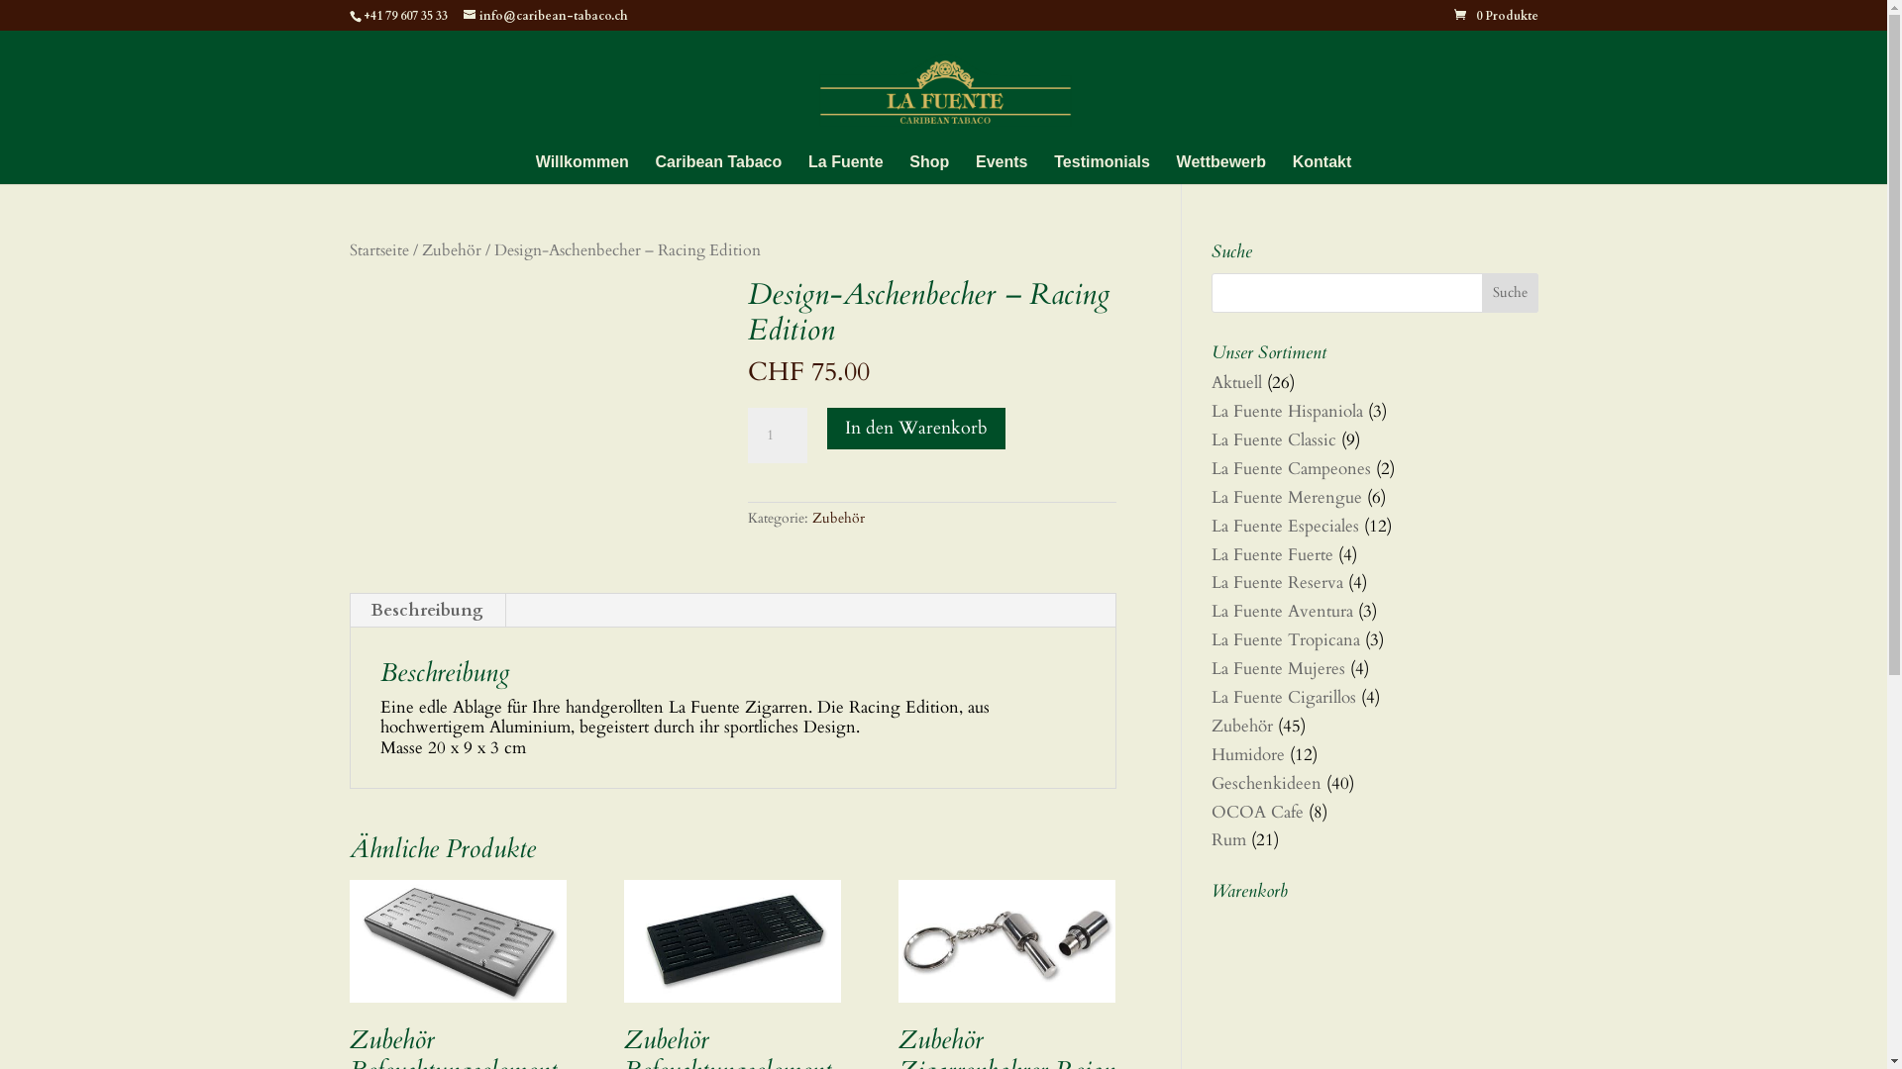 Image resolution: width=1902 pixels, height=1069 pixels. I want to click on 'La Fuente Merengue', so click(1285, 496).